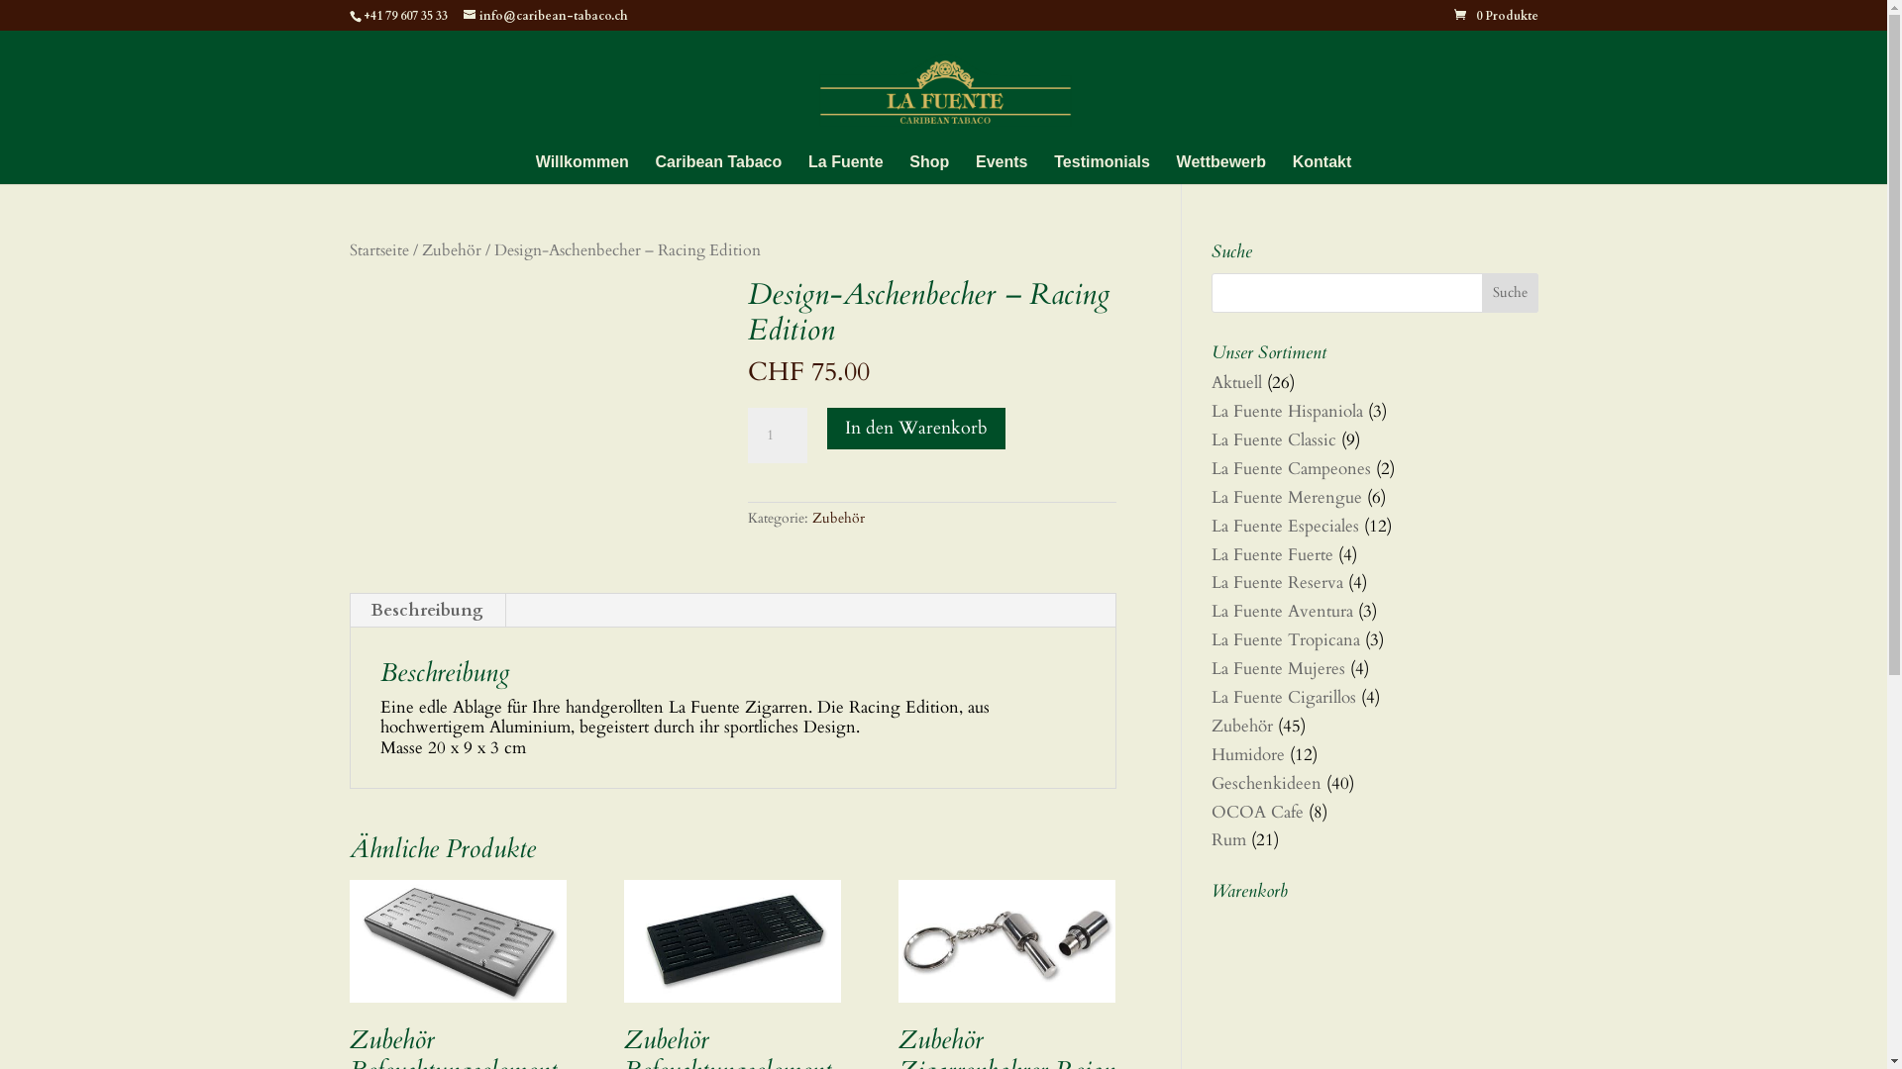 Image resolution: width=1902 pixels, height=1069 pixels. I want to click on 'La Fuente Merengue', so click(1285, 496).